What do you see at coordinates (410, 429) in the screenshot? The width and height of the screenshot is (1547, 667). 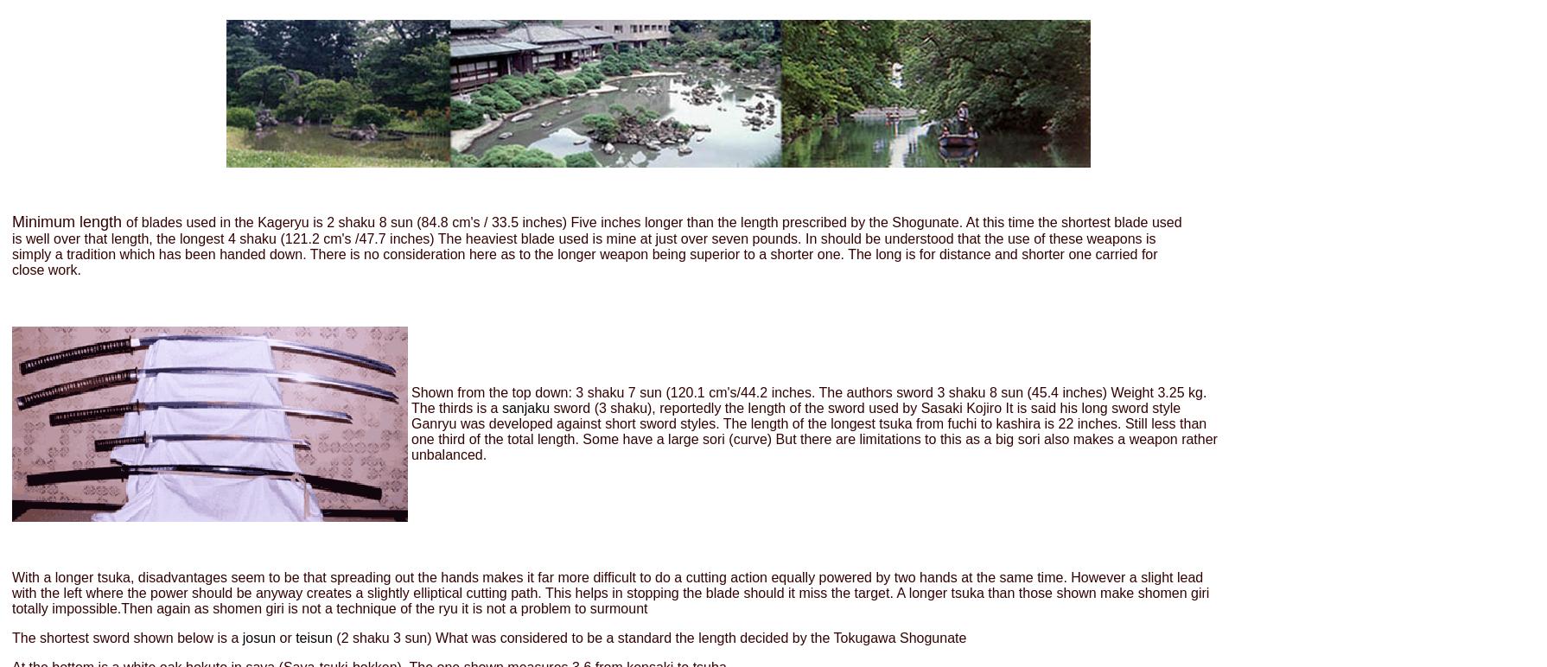 I see `'sword (3 shaku), reportedly the length of the sword used by Sasaki Kojiro It is said his long sword style Ganryu was developed against short sword styles. The length of the longest tsuka from fuchi to kashira is 22 inches. Still less than one third of the total length. Some have a large sori (curve) But there are limitations to this as a big sori also makes a weapon rather unbalanced.'` at bounding box center [410, 429].